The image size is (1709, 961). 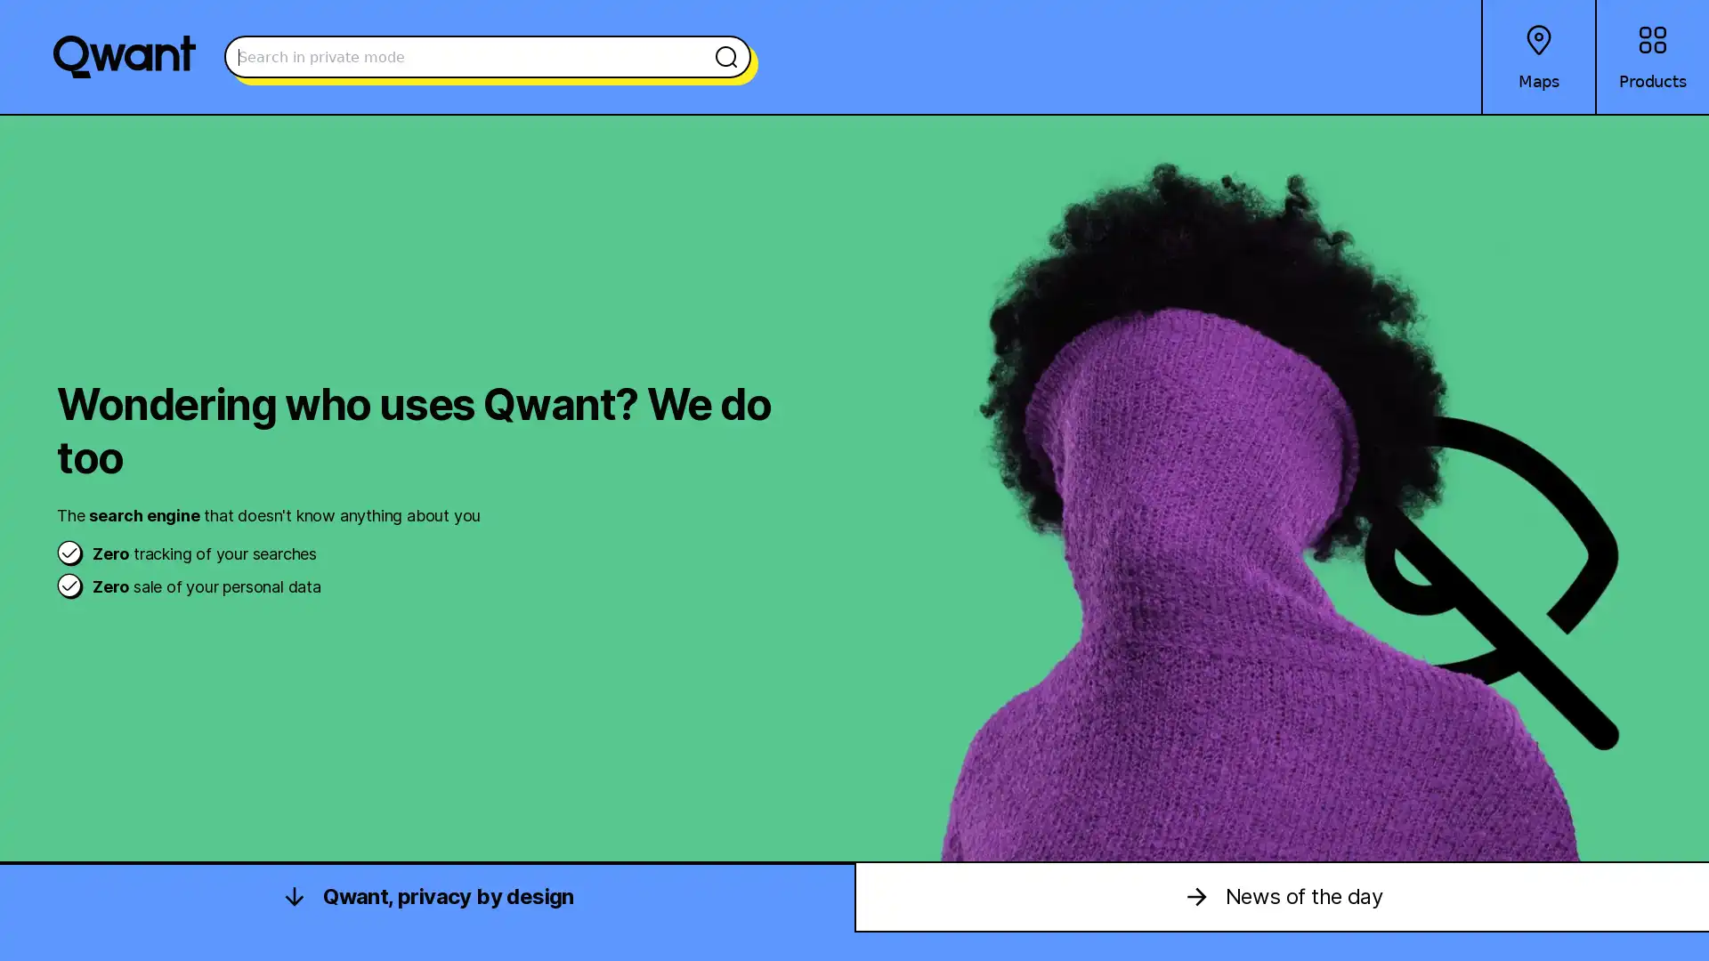 What do you see at coordinates (726, 56) in the screenshot?
I see `Search the web` at bounding box center [726, 56].